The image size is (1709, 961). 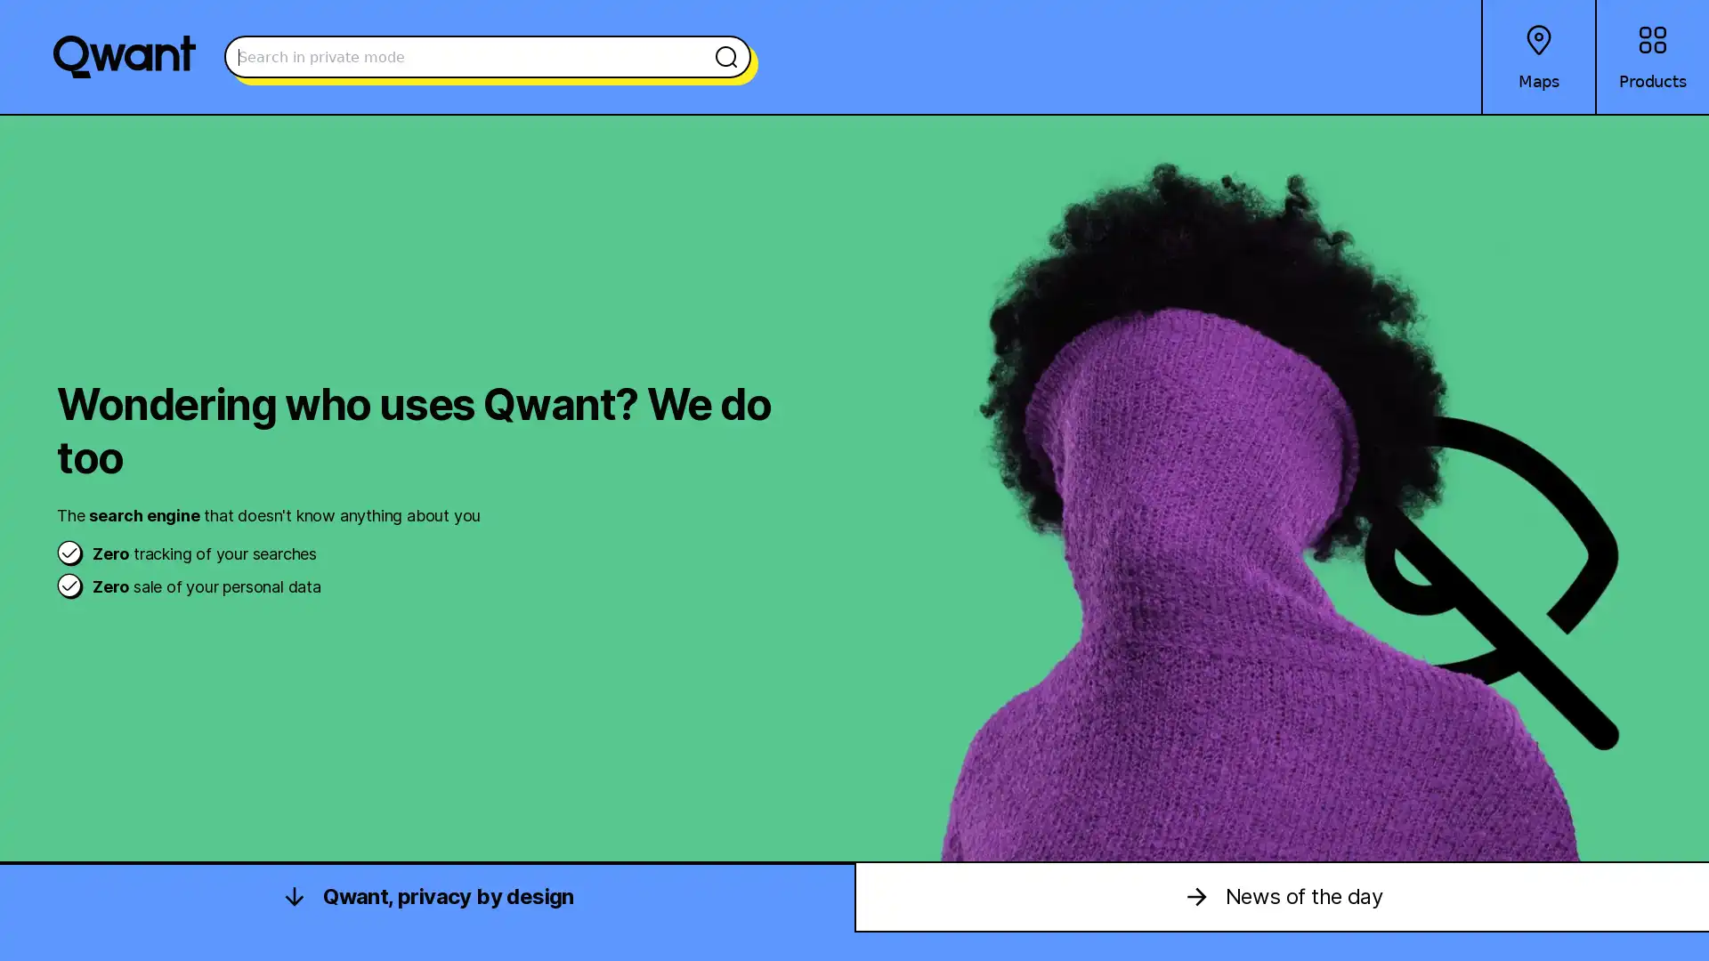 What do you see at coordinates (726, 56) in the screenshot?
I see `Search the web` at bounding box center [726, 56].